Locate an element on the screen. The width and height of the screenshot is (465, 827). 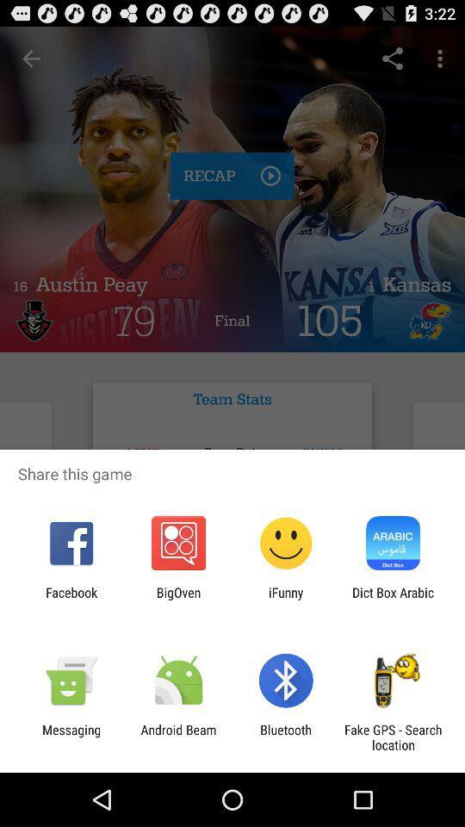
the app to the right of messaging is located at coordinates (177, 737).